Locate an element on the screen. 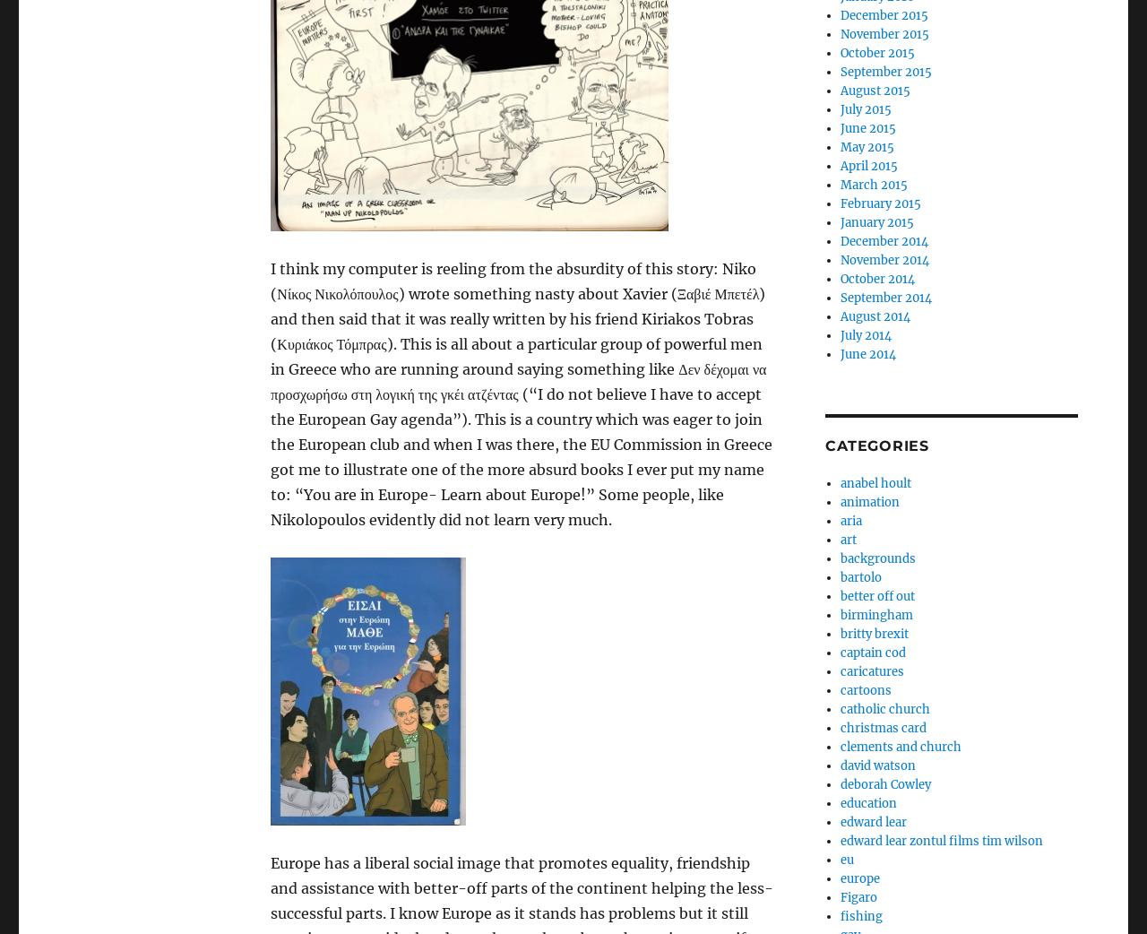 The width and height of the screenshot is (1147, 934). 'art' is located at coordinates (847, 539).